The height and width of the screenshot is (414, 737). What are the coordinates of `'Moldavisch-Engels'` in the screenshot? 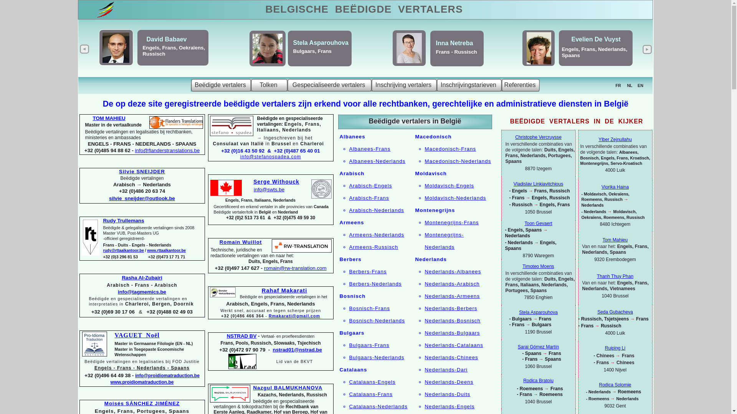 It's located at (449, 186).